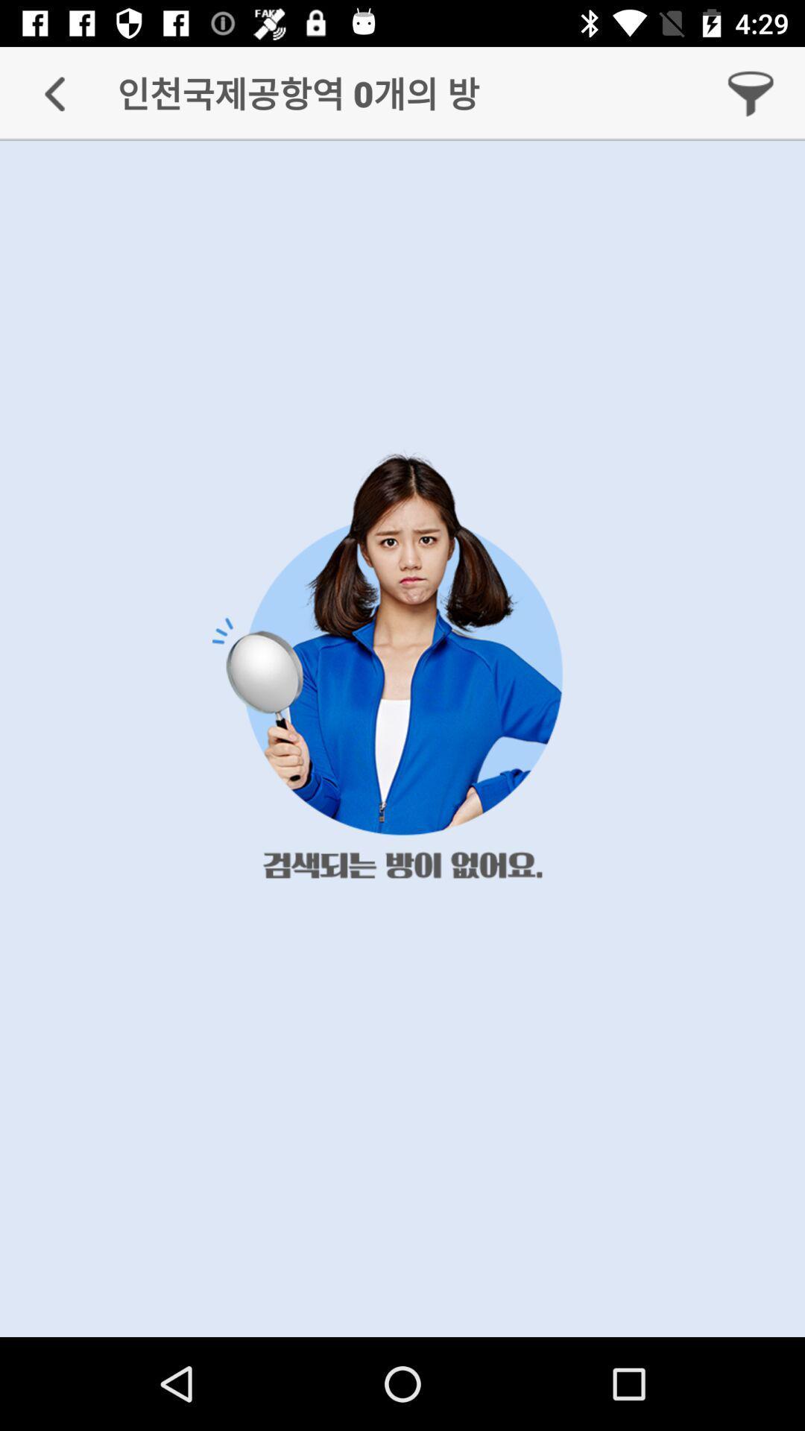 This screenshot has width=805, height=1431. Describe the element at coordinates (54, 92) in the screenshot. I see `item at the top left corner` at that location.